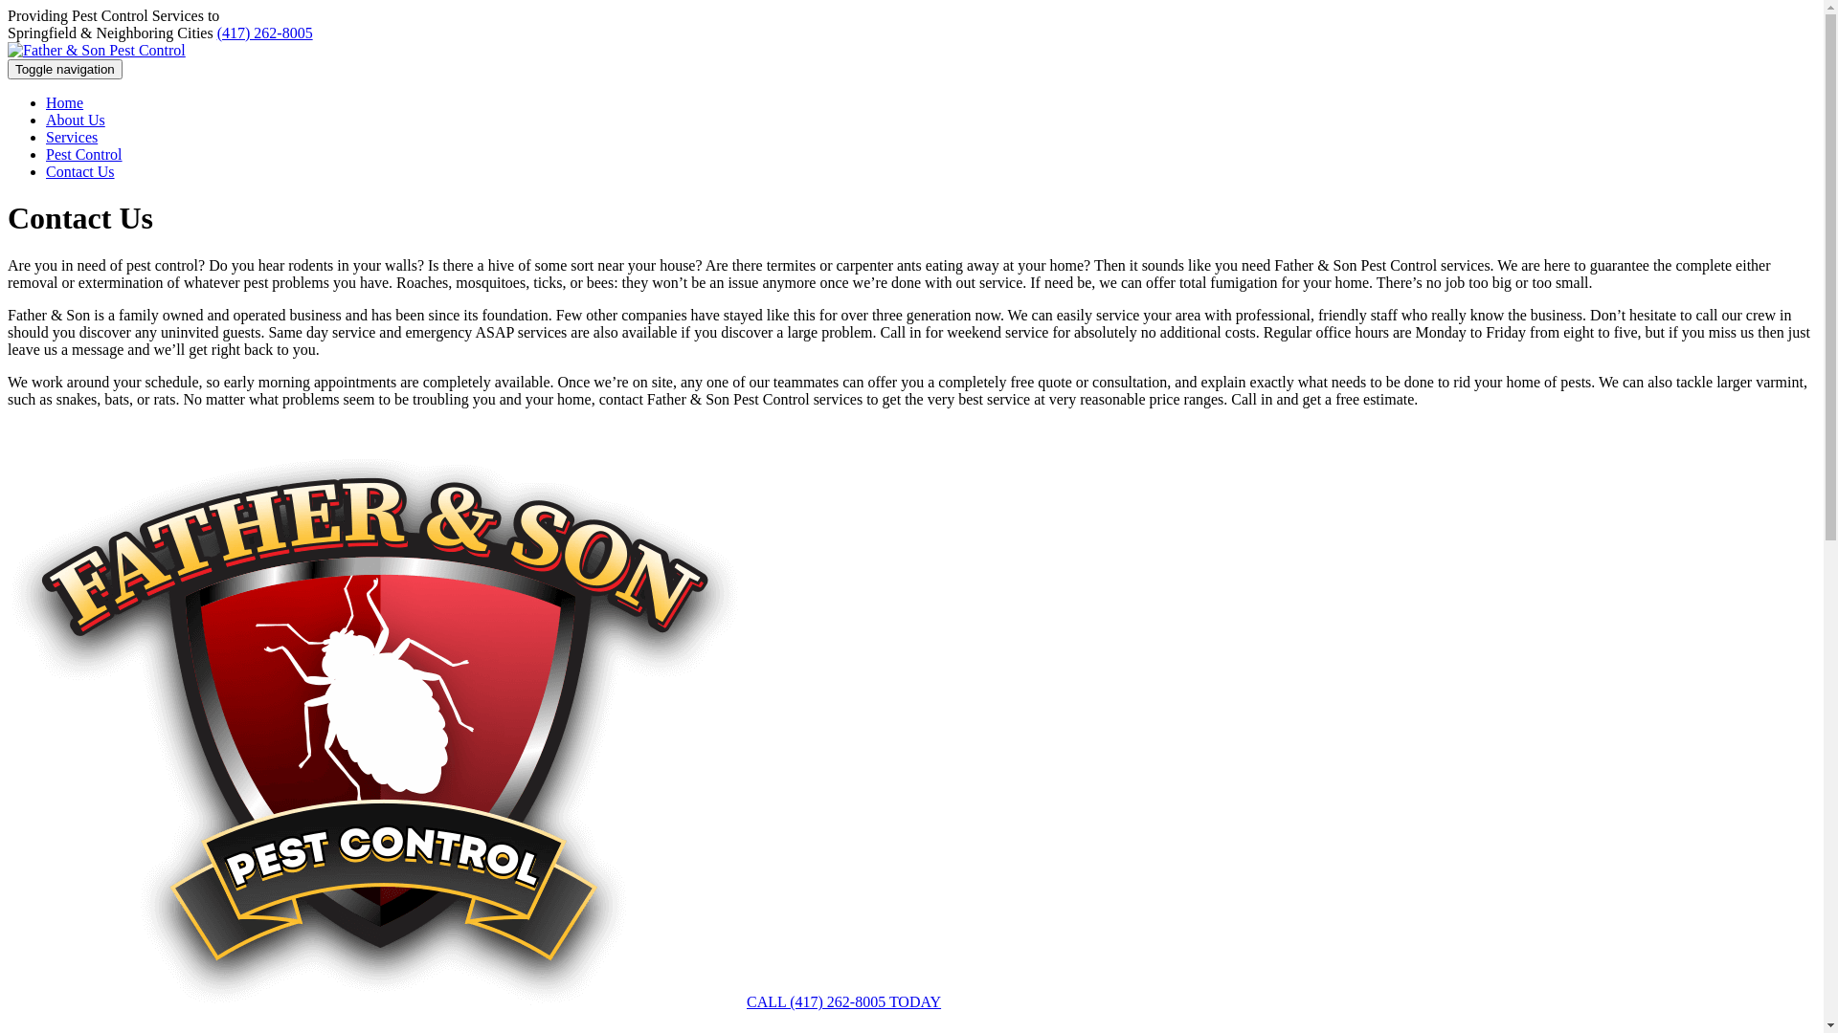 This screenshot has height=1033, width=1838. What do you see at coordinates (264, 33) in the screenshot?
I see `'(417) 262-8005'` at bounding box center [264, 33].